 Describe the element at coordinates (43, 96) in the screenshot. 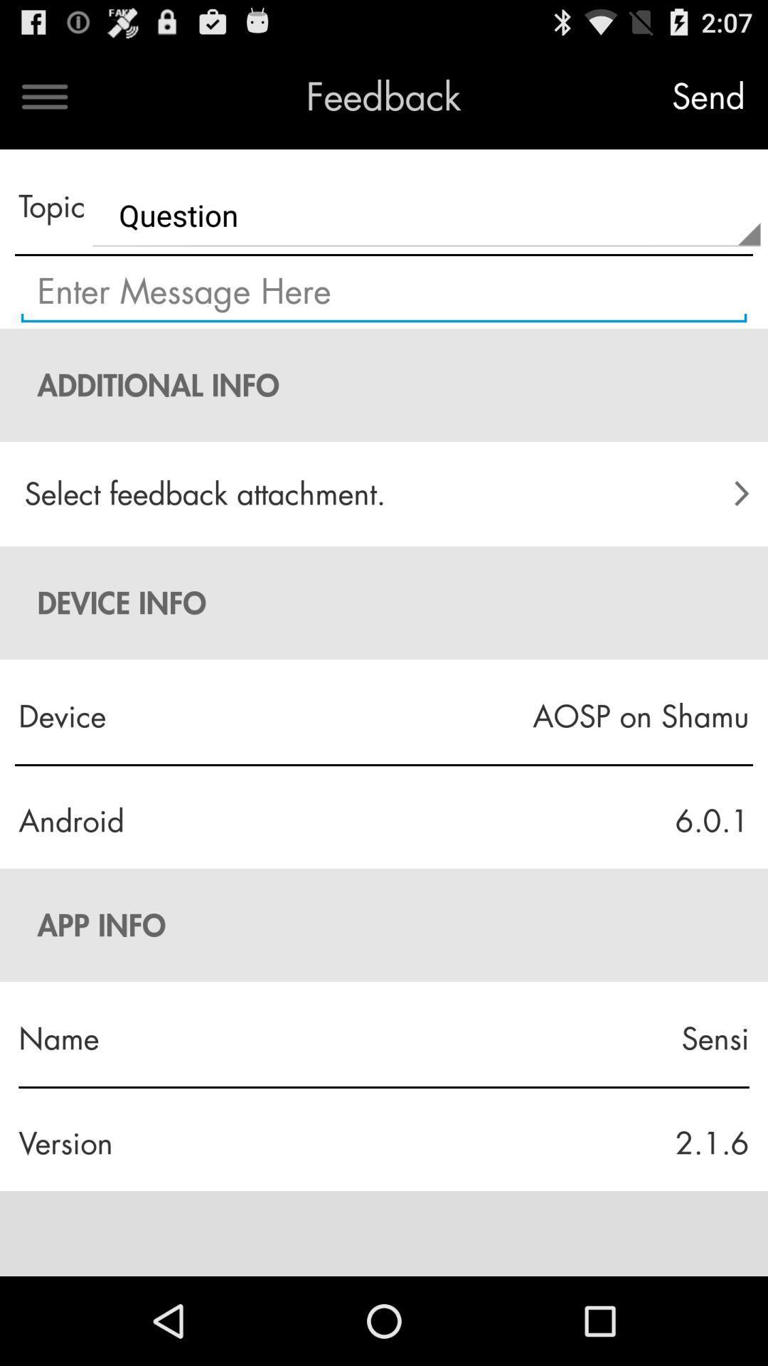

I see `the icon to the left of the feedback icon` at that location.